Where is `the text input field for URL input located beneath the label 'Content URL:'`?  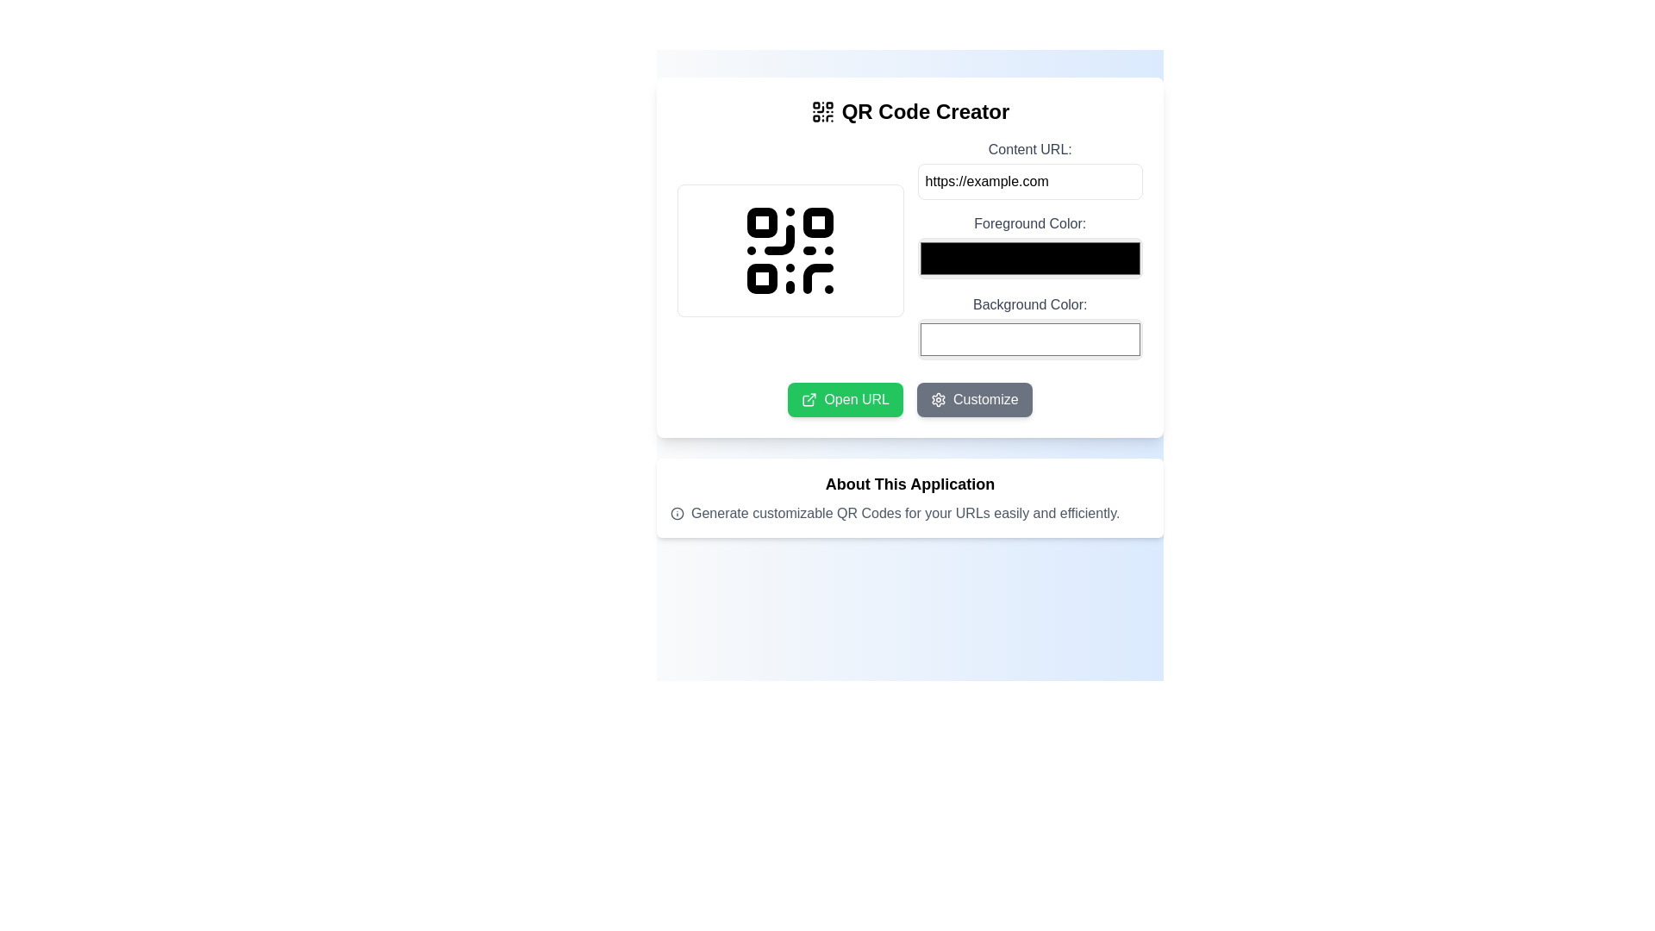
the text input field for URL input located beneath the label 'Content URL:' is located at coordinates (1030, 182).